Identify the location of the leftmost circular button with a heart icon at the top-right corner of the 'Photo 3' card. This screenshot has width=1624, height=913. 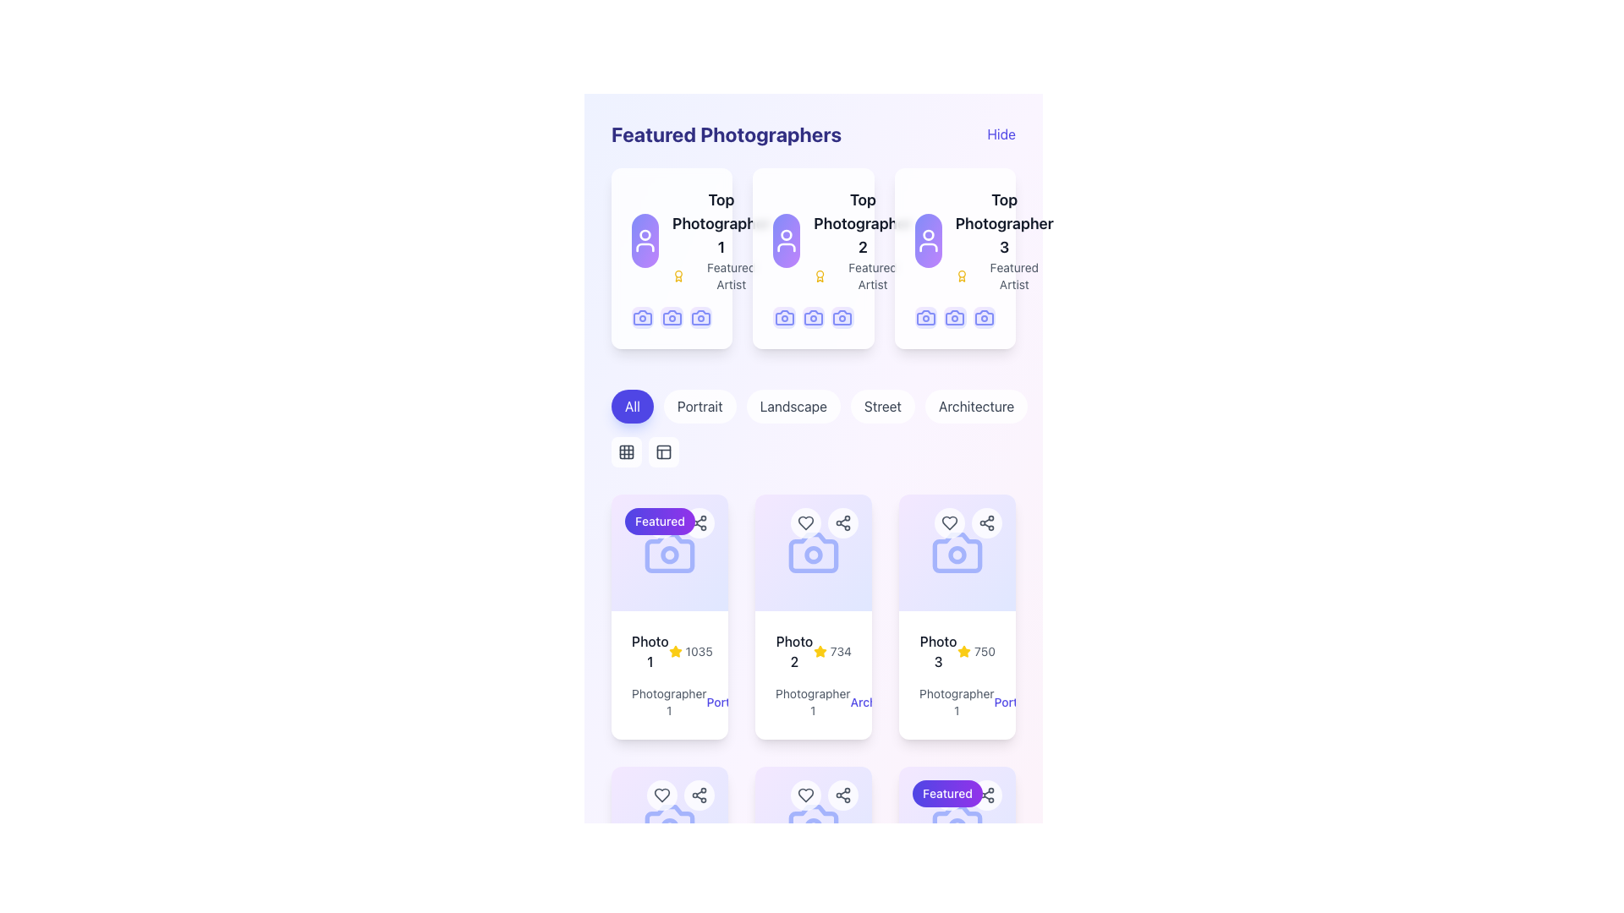
(950, 522).